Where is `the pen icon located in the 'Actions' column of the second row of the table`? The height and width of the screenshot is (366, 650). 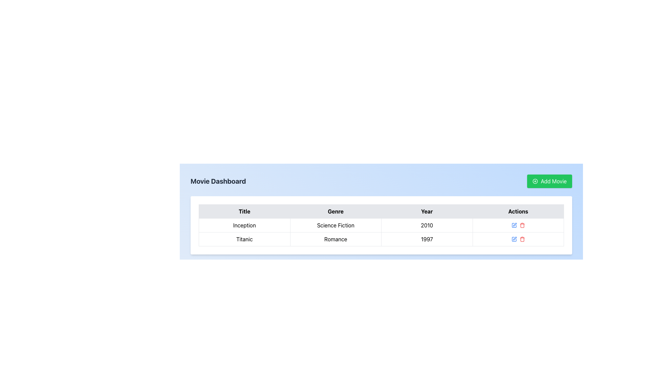 the pen icon located in the 'Actions' column of the second row of the table is located at coordinates (515, 225).